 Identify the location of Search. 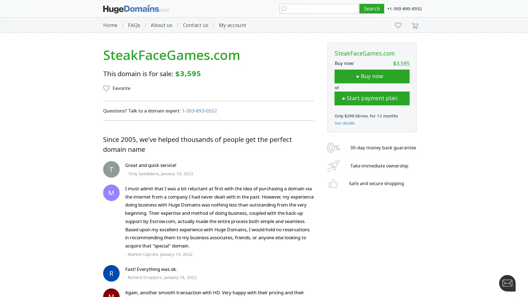
(372, 9).